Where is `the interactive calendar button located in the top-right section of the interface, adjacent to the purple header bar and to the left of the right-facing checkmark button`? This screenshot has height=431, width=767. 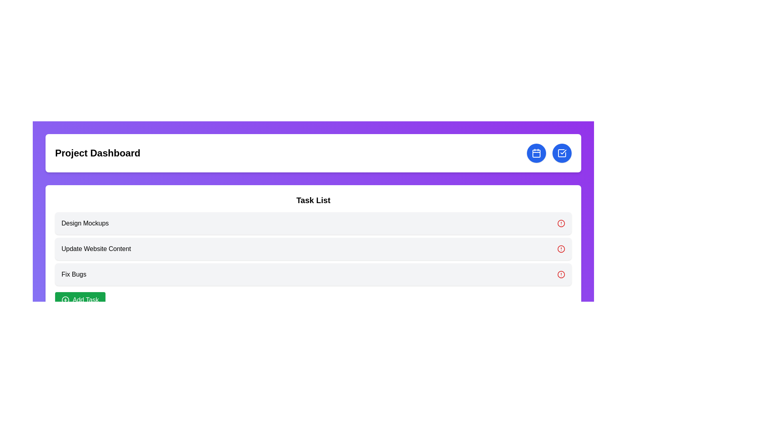
the interactive calendar button located in the top-right section of the interface, adjacent to the purple header bar and to the left of the right-facing checkmark button is located at coordinates (537, 153).